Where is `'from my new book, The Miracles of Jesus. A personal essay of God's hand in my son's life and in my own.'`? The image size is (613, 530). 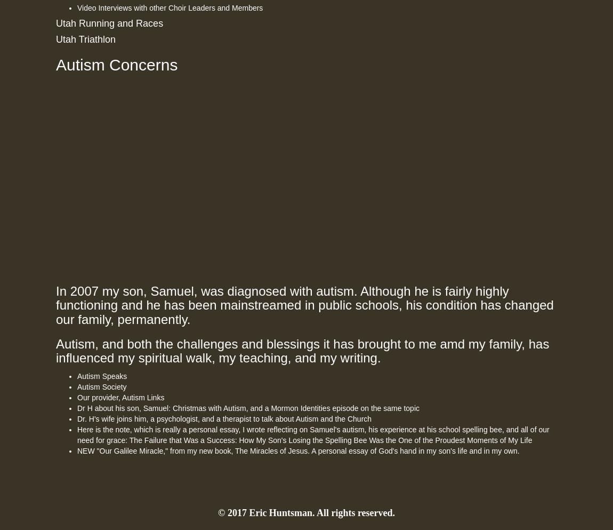 'from my new book, The Miracles of Jesus. A personal essay of God's hand in my son's life and in my own.' is located at coordinates (343, 449).